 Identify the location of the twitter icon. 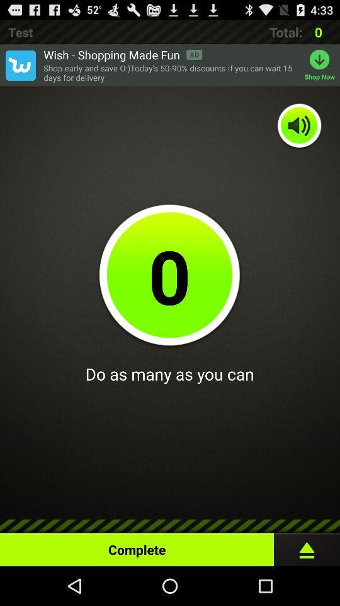
(20, 69).